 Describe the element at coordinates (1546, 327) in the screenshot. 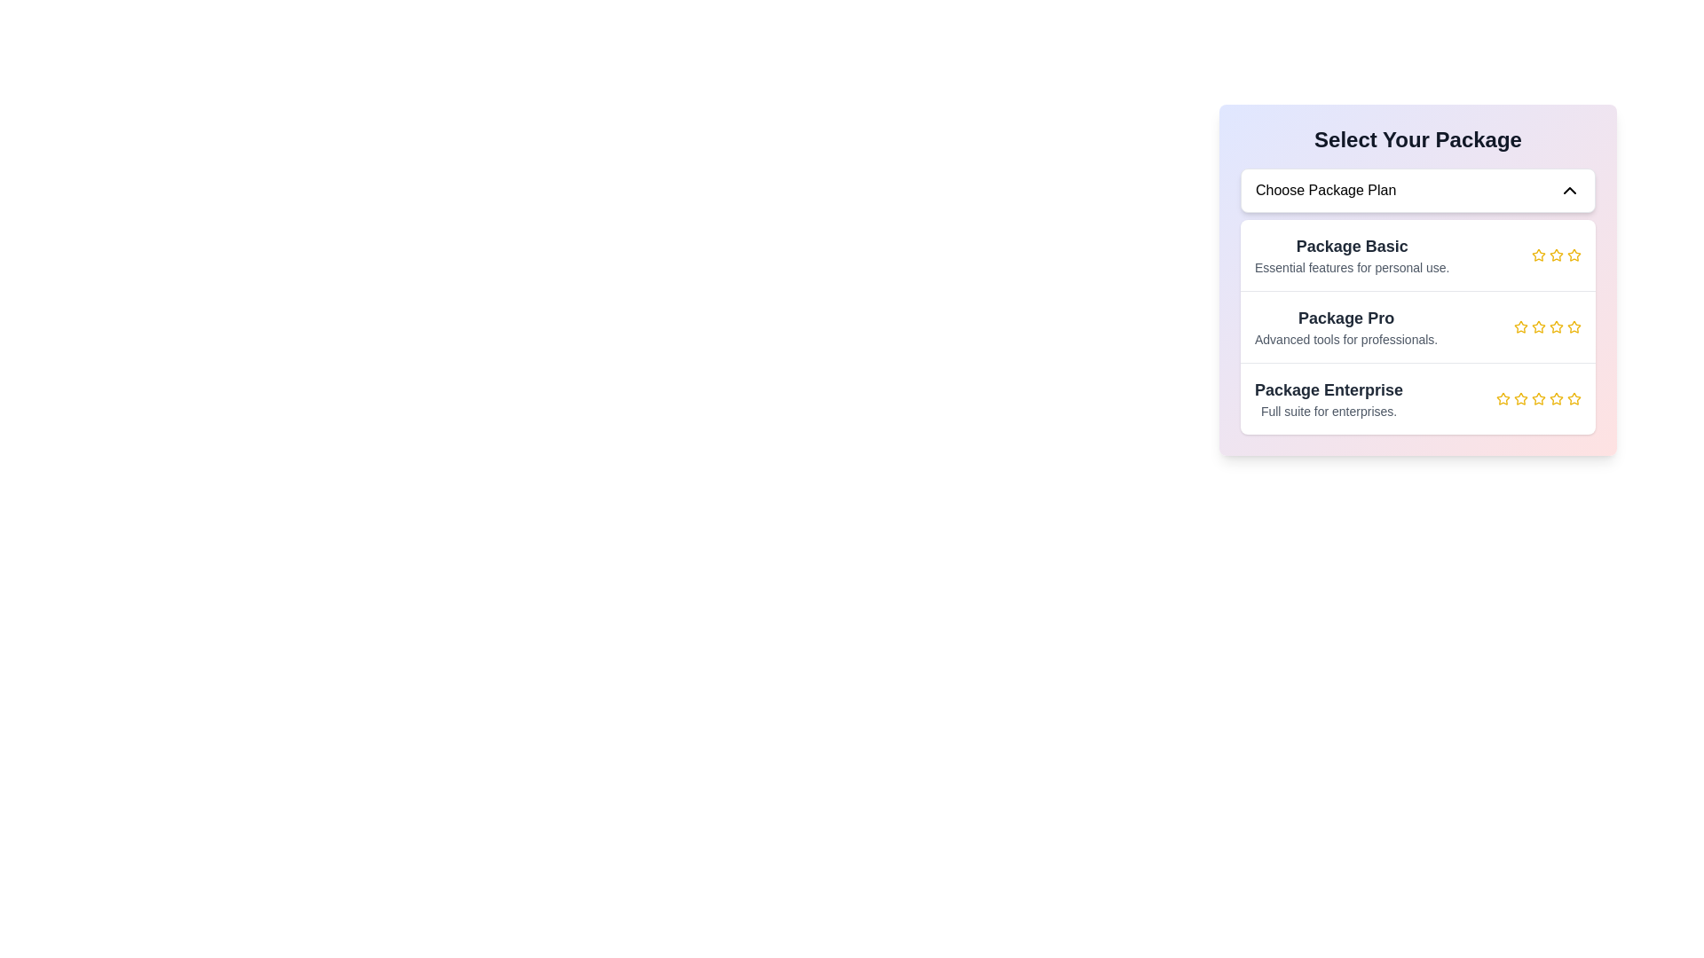

I see `the Rating indicator consisting of four yellow stars located in the 'Package Pro' section, positioned to the right of the 'Package Pro' text` at that location.